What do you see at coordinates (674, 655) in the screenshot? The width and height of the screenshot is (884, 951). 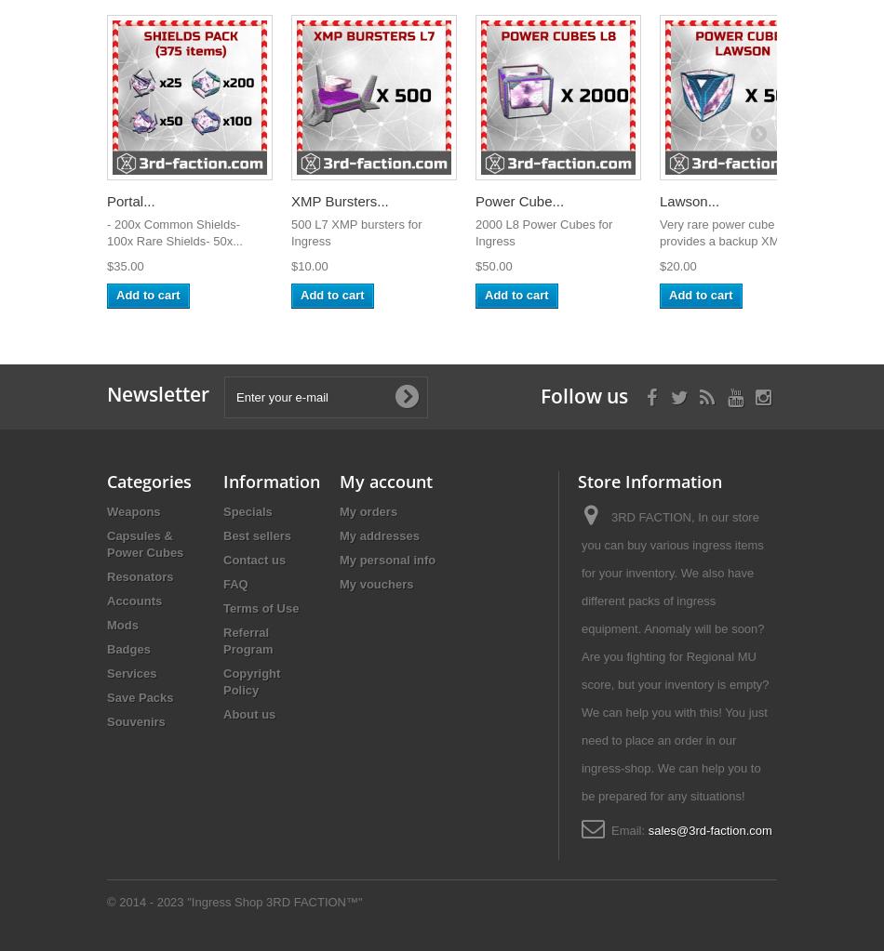 I see `'3RD FACTION, In our store you can buy various ingress items for your inventory. We also have different packs of ingress equipment. Anomaly will be soon? Are you fighting for Regional MU score, but your inventory is empty? We can help you with this! You just need to place an order in our ingress-shop. We can help you to be prepared for any situations!'` at bounding box center [674, 655].